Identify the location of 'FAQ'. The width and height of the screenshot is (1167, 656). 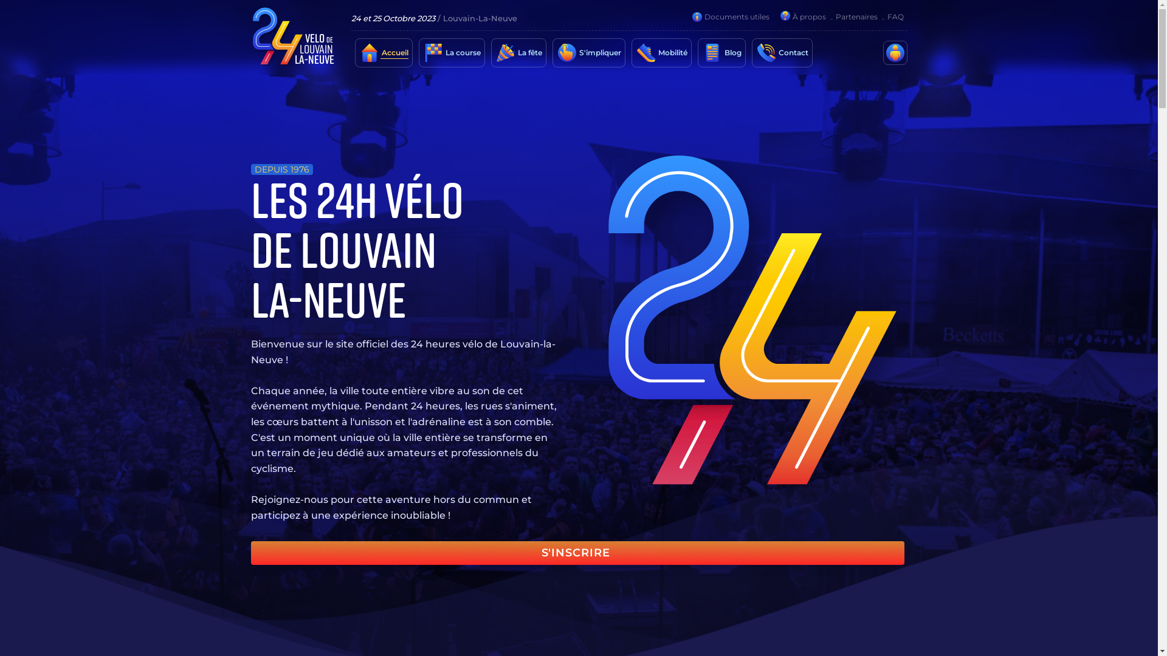
(895, 16).